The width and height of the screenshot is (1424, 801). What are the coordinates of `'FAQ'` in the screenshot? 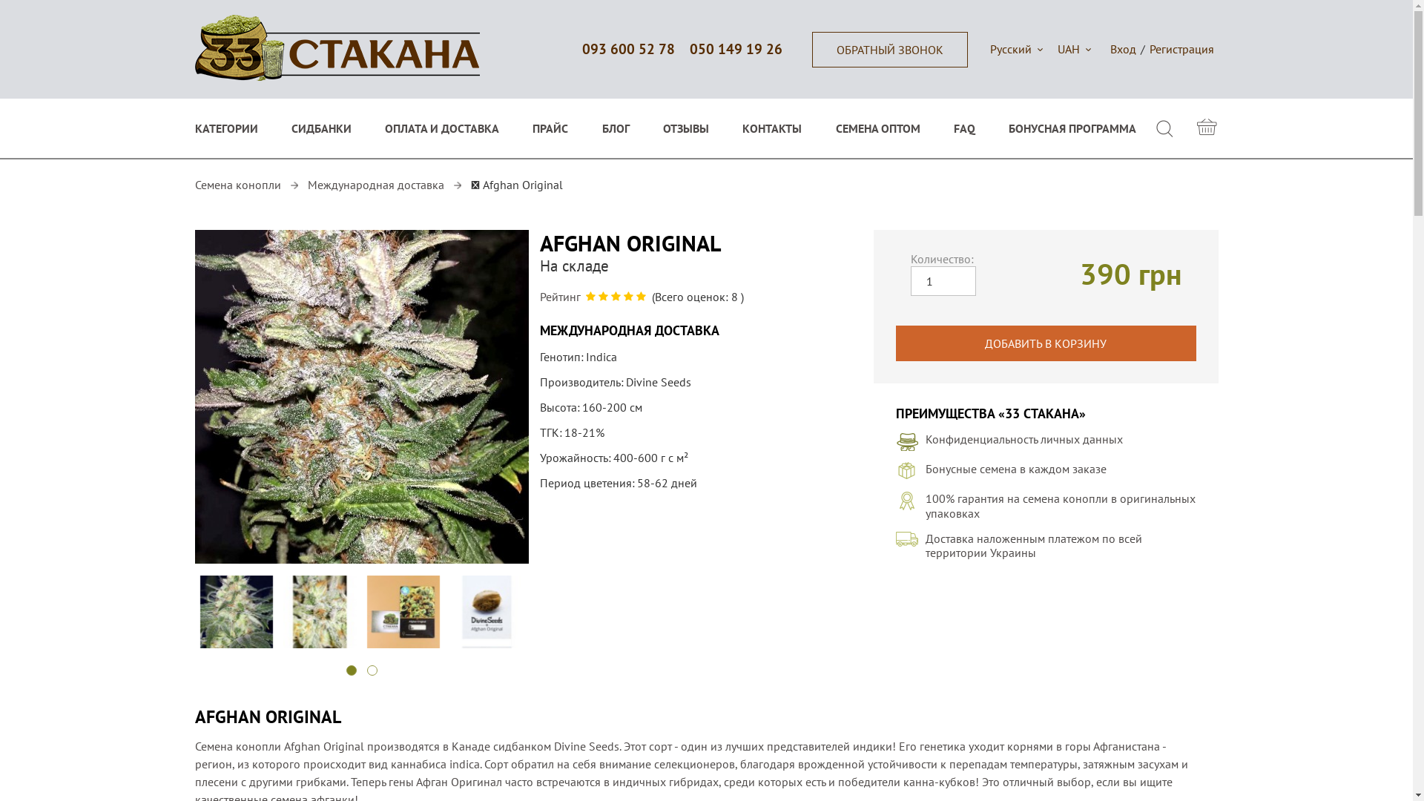 It's located at (964, 128).